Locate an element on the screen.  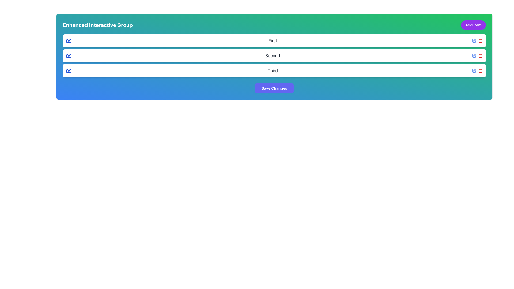
the pen-shaped icon button located in the top-right corner of the first row of items is located at coordinates (474, 40).